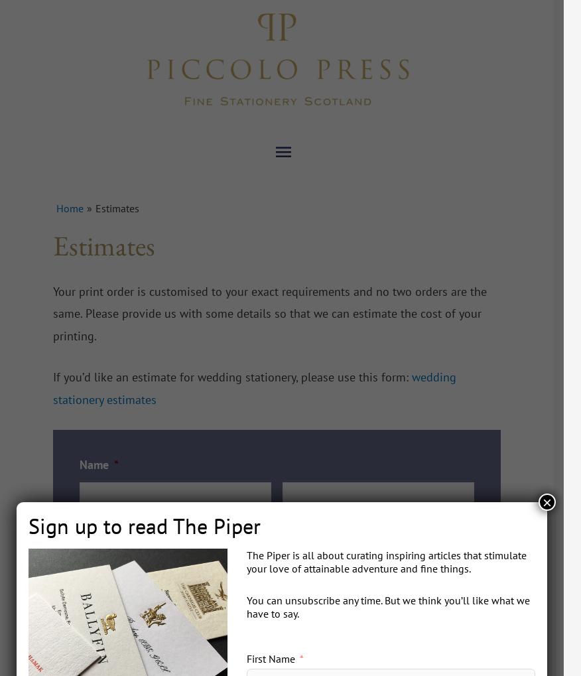  I want to click on 'Email address', so click(115, 551).